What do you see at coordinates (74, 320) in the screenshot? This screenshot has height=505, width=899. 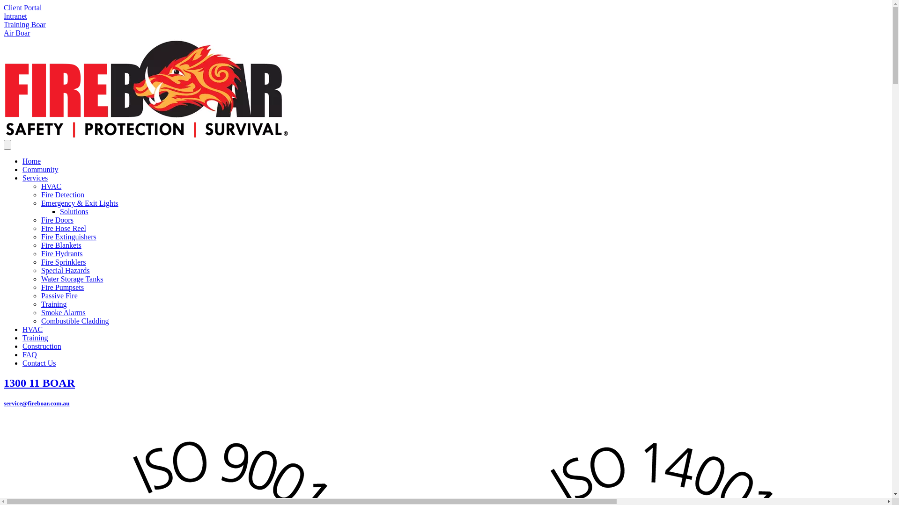 I see `'Combustible Cladding'` at bounding box center [74, 320].